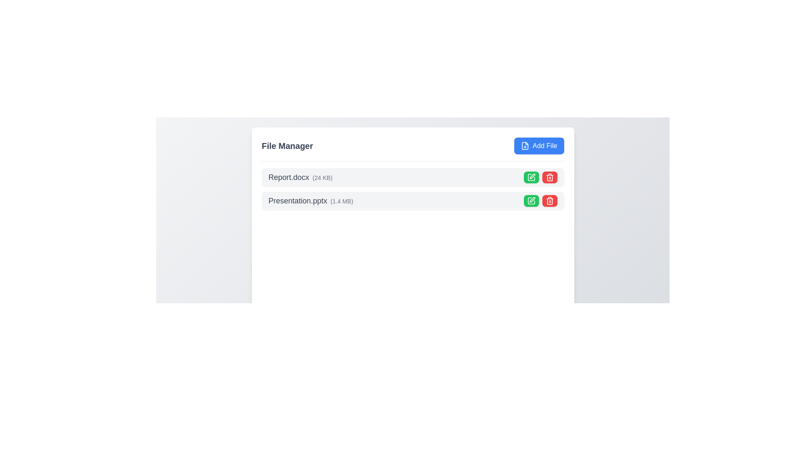  Describe the element at coordinates (300, 177) in the screenshot. I see `the text display element that shows information about the file 'Report.docx', which is positioned at the top of the file list, before the entry for 'Presentation.pptx (1.4 MB)'` at that location.